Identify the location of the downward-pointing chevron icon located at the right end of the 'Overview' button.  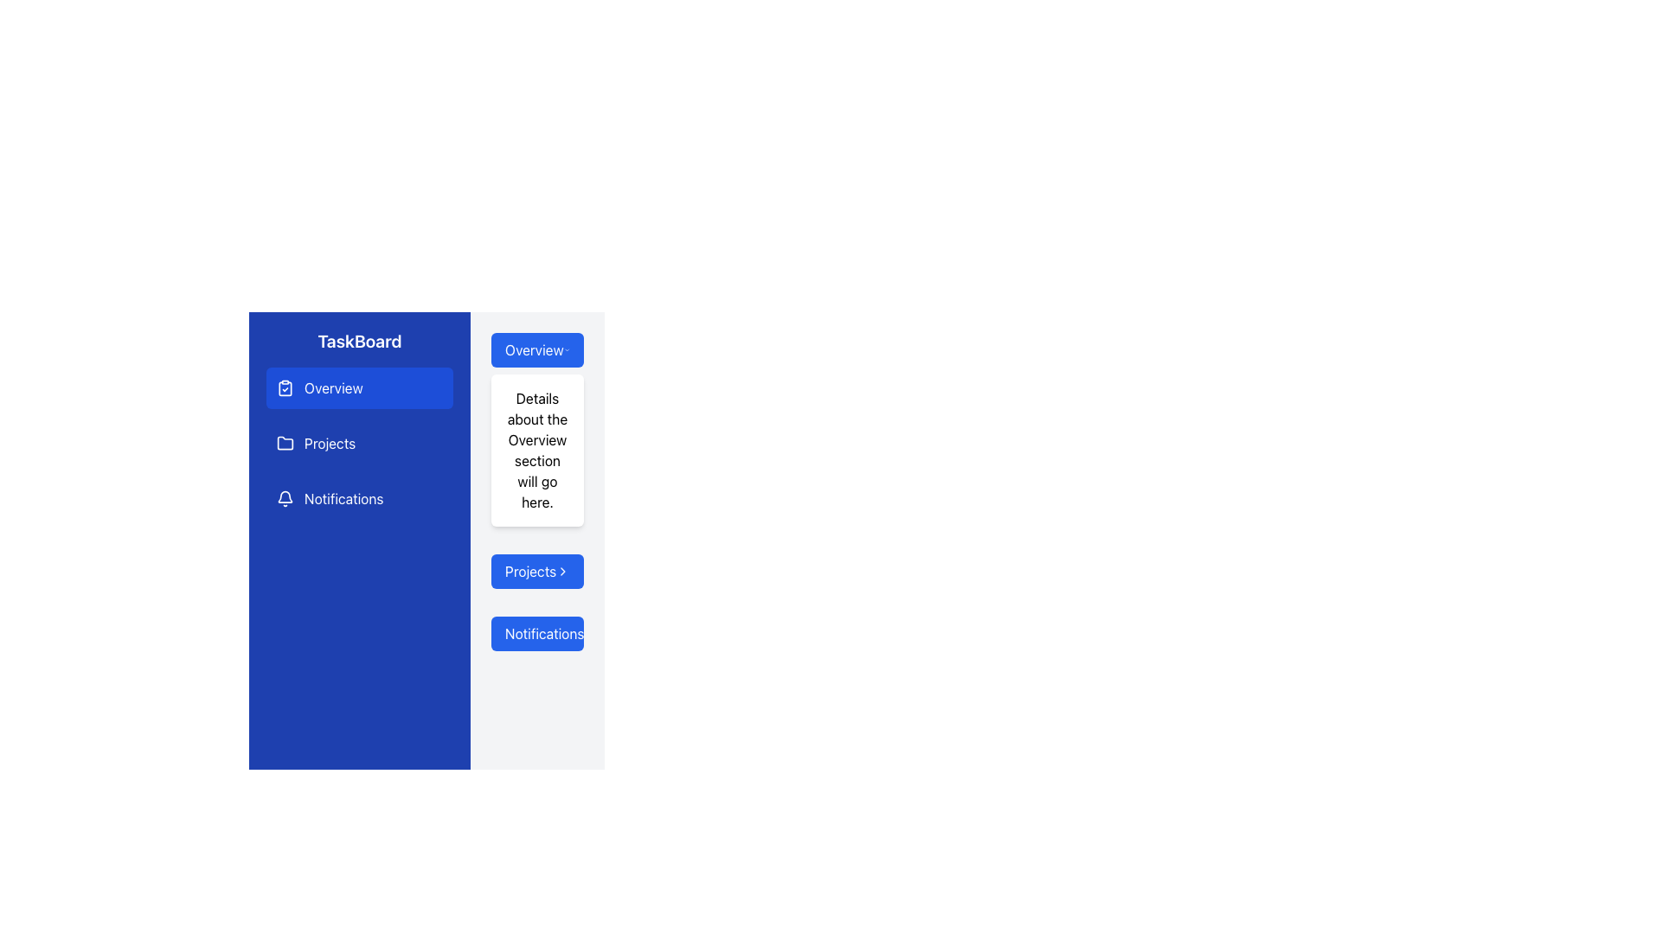
(567, 350).